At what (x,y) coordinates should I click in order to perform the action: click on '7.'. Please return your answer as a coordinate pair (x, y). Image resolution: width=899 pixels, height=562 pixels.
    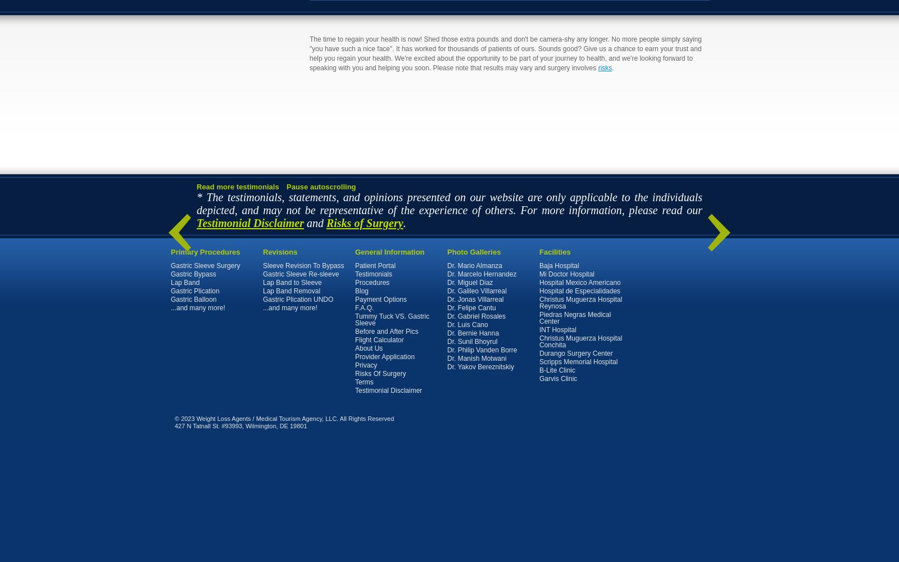
    Looking at the image, I should click on (184, 202).